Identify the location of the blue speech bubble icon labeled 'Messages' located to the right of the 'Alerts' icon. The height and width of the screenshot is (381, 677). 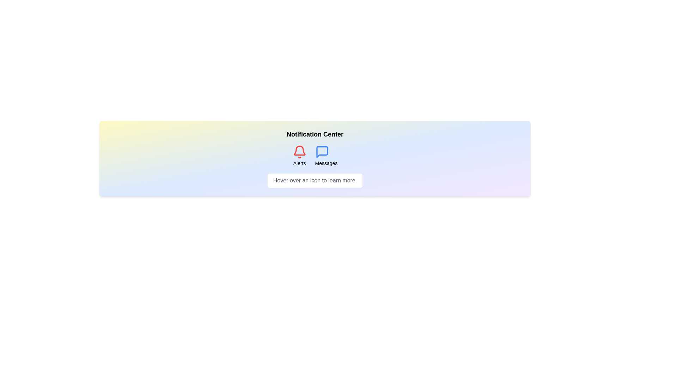
(322, 152).